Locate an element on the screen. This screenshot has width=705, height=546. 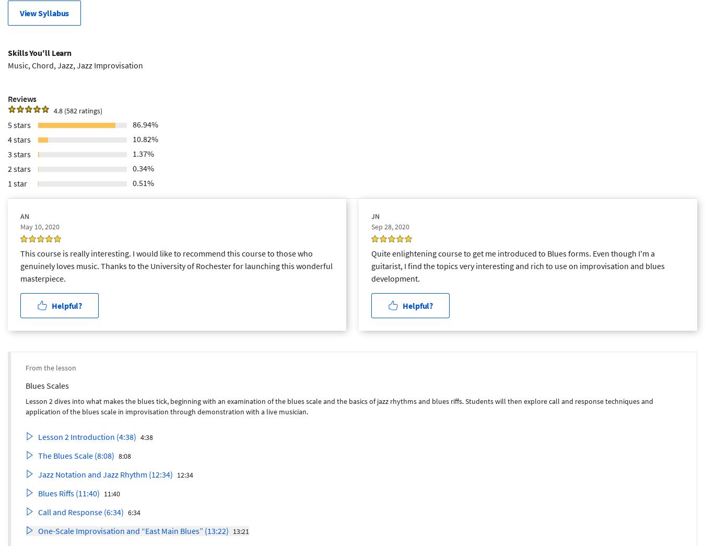
'Blues Riffs (11:40)' is located at coordinates (69, 492).